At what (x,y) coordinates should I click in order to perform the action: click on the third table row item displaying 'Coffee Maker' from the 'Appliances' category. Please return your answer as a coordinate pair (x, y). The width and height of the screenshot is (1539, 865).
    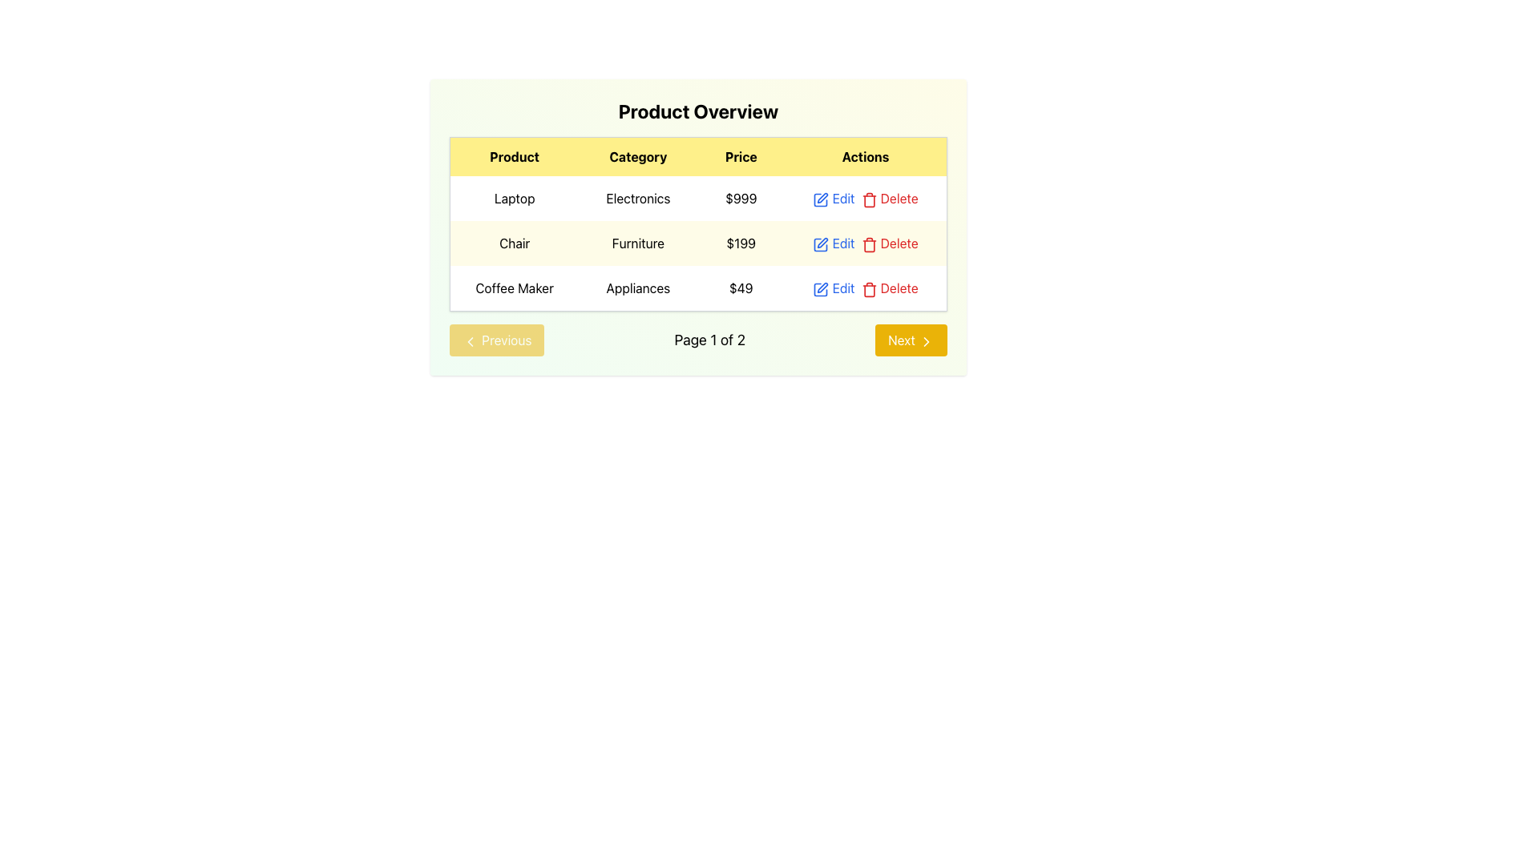
    Looking at the image, I should click on (698, 288).